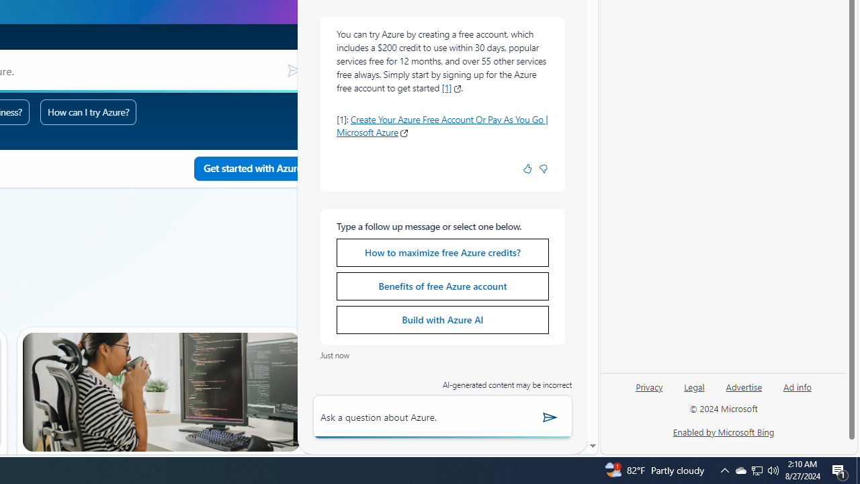  I want to click on 'Send', so click(550, 416).